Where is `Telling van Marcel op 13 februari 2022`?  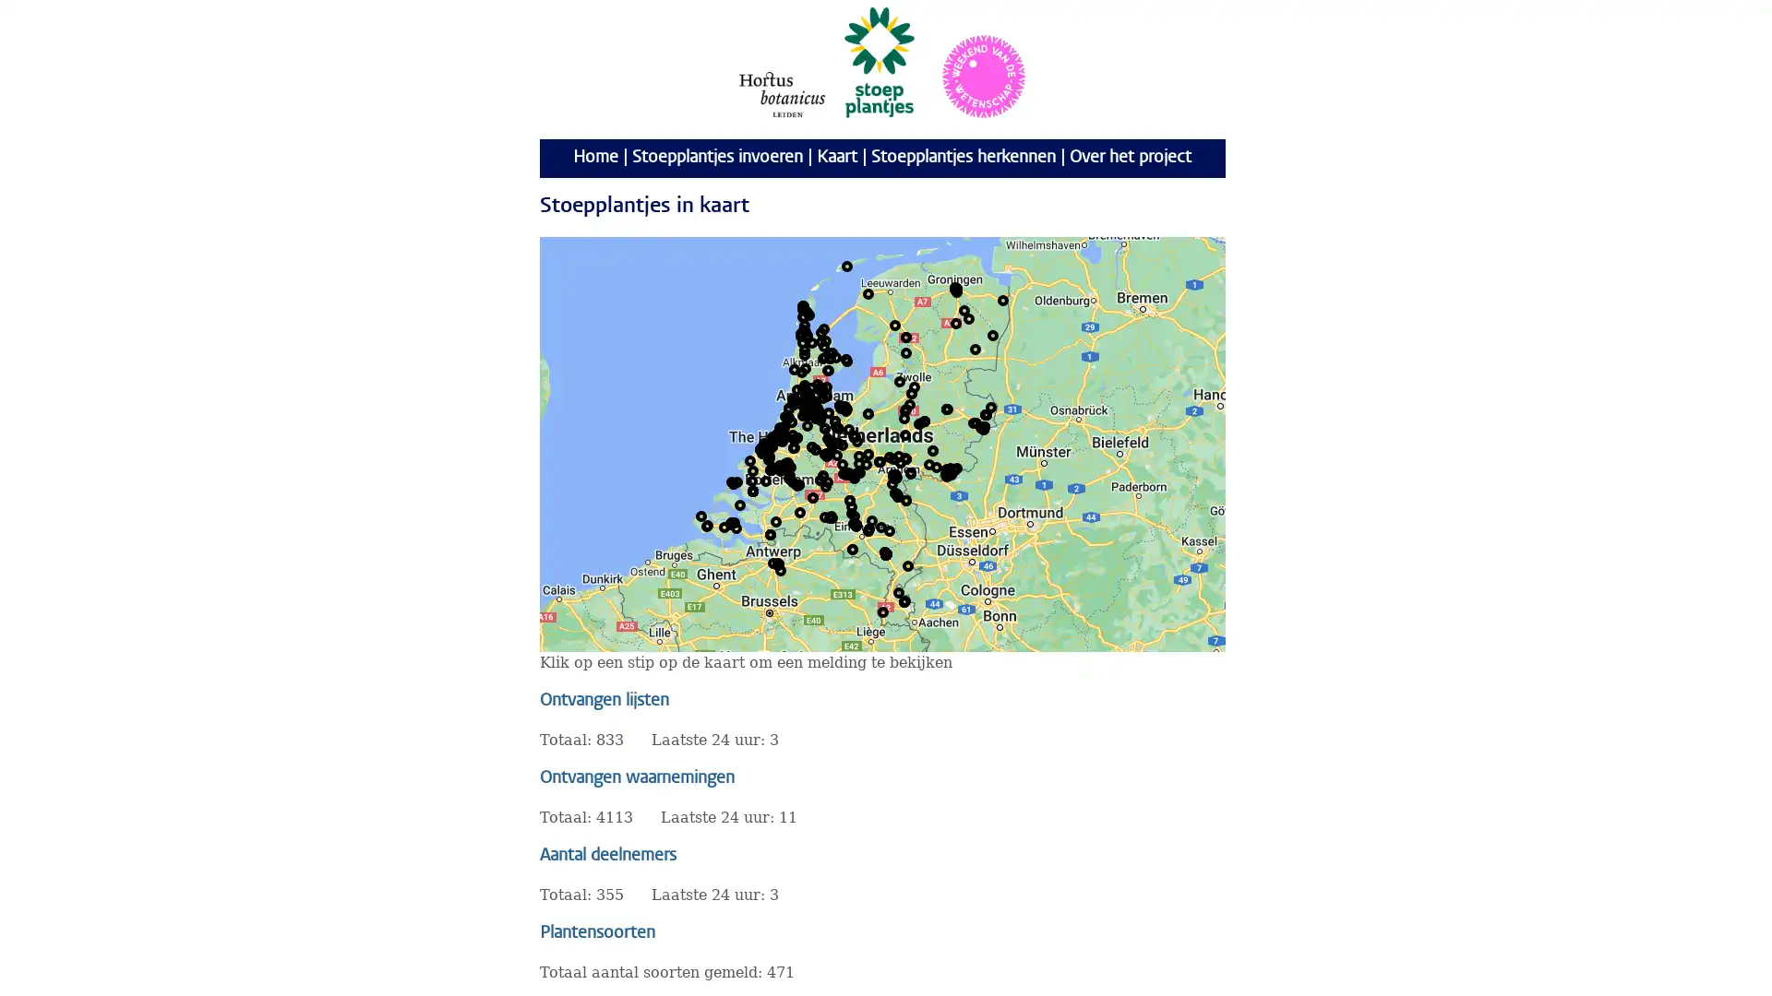
Telling van Marcel op 13 februari 2022 is located at coordinates (904, 409).